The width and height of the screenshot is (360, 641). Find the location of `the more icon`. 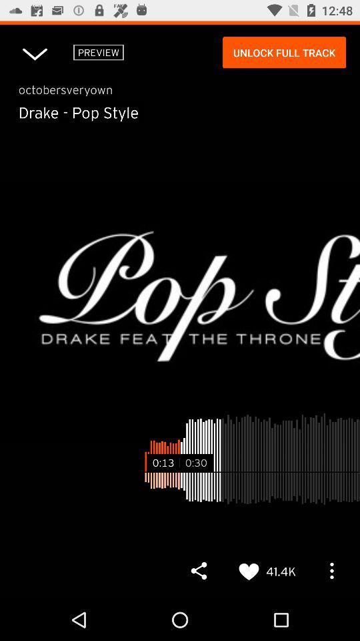

the more icon is located at coordinates (331, 570).